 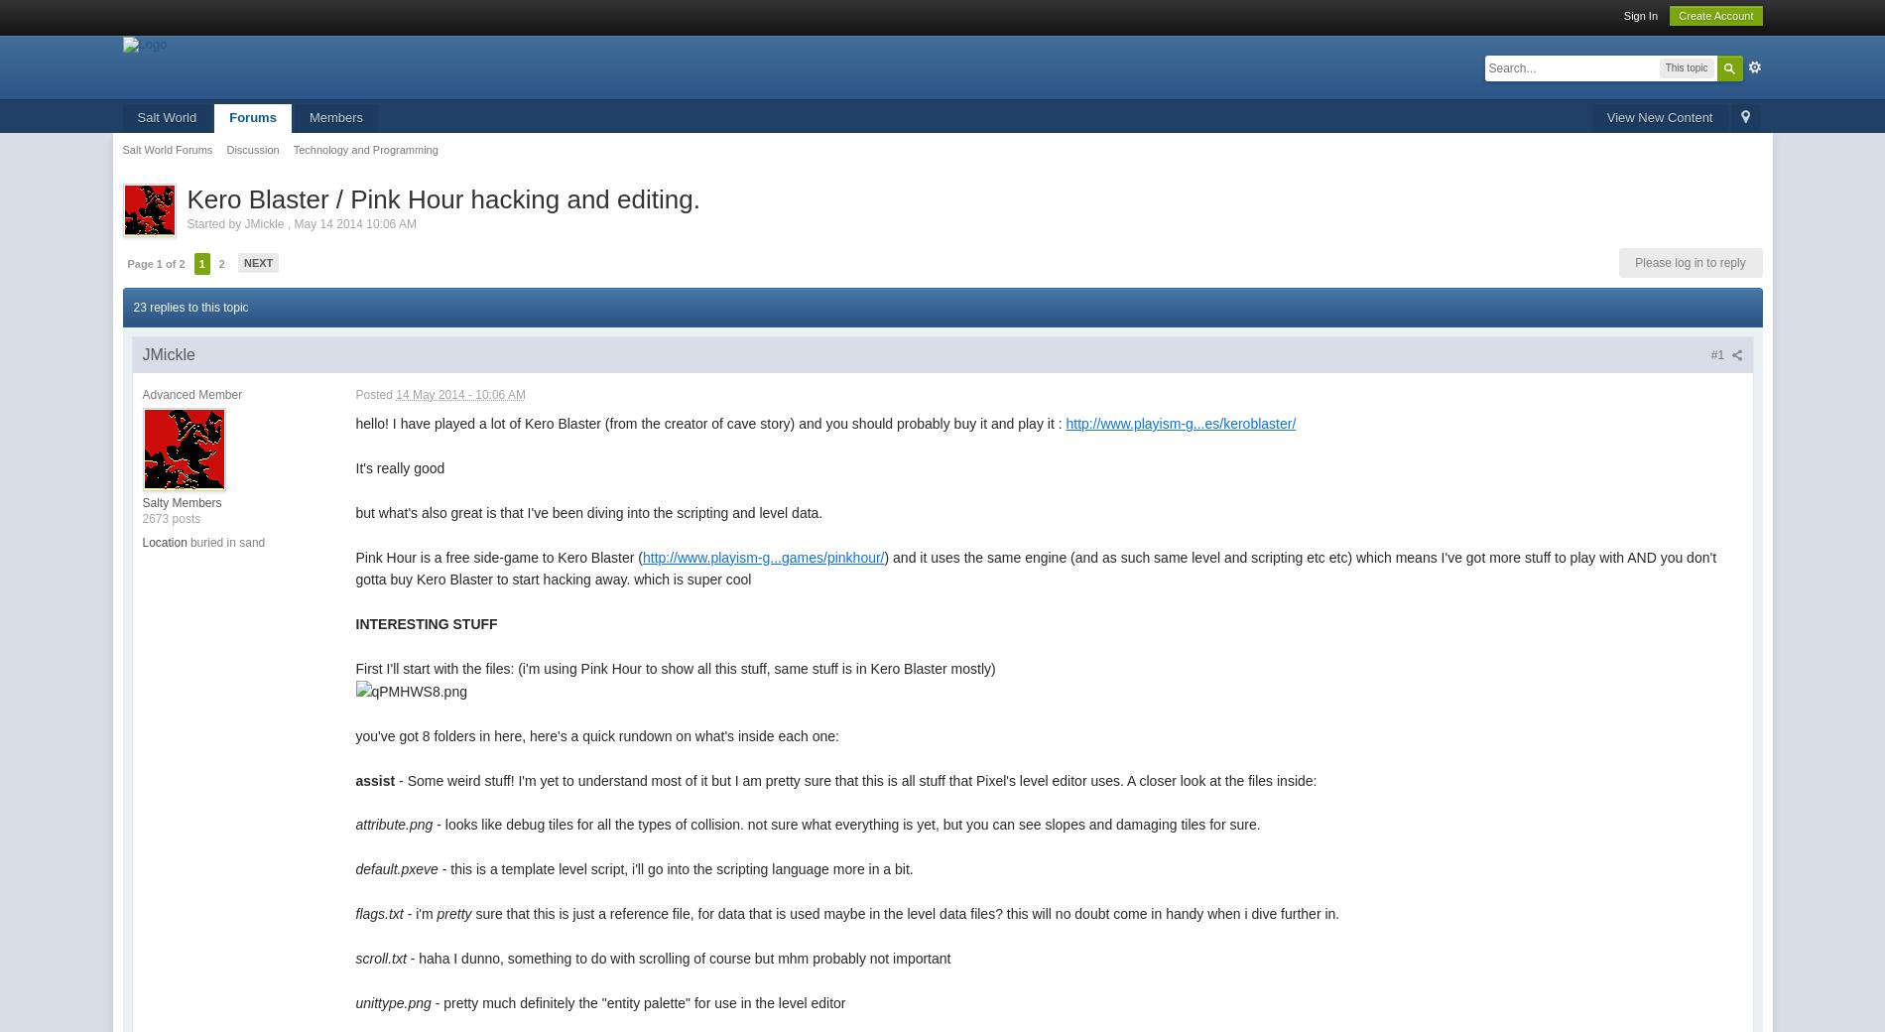 What do you see at coordinates (214, 222) in the screenshot?
I see `'Started by'` at bounding box center [214, 222].